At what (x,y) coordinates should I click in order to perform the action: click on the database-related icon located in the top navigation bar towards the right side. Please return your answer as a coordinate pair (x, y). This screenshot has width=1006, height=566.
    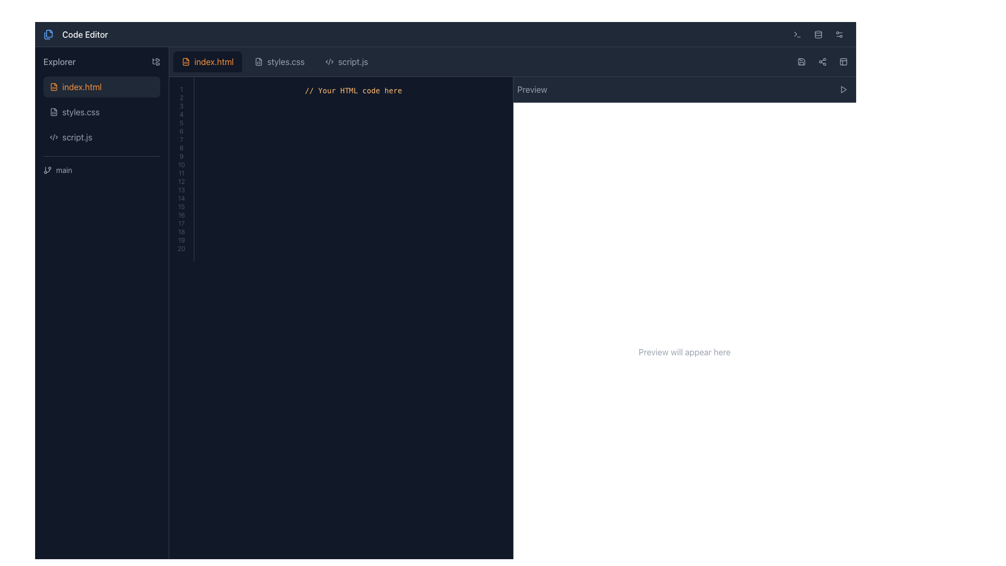
    Looking at the image, I should click on (817, 34).